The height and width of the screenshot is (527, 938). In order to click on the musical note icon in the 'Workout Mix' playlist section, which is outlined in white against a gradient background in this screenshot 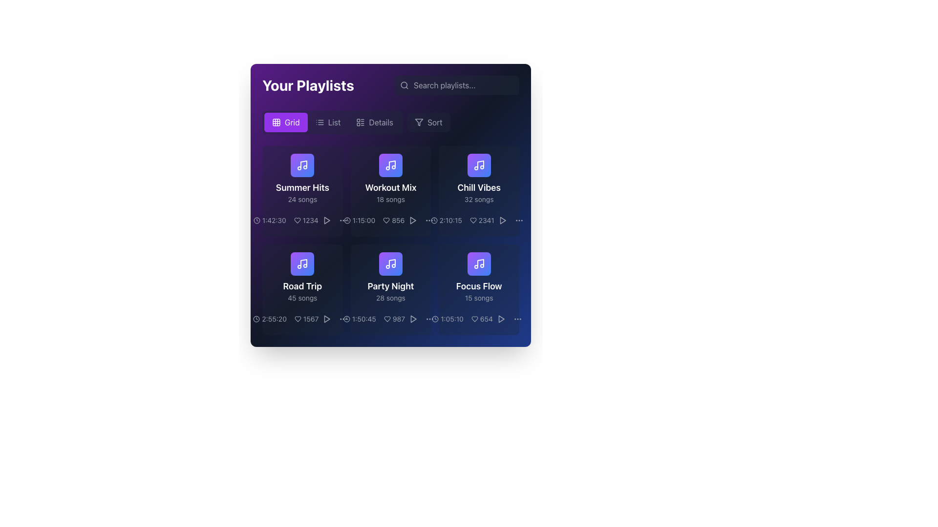, I will do `click(391, 165)`.